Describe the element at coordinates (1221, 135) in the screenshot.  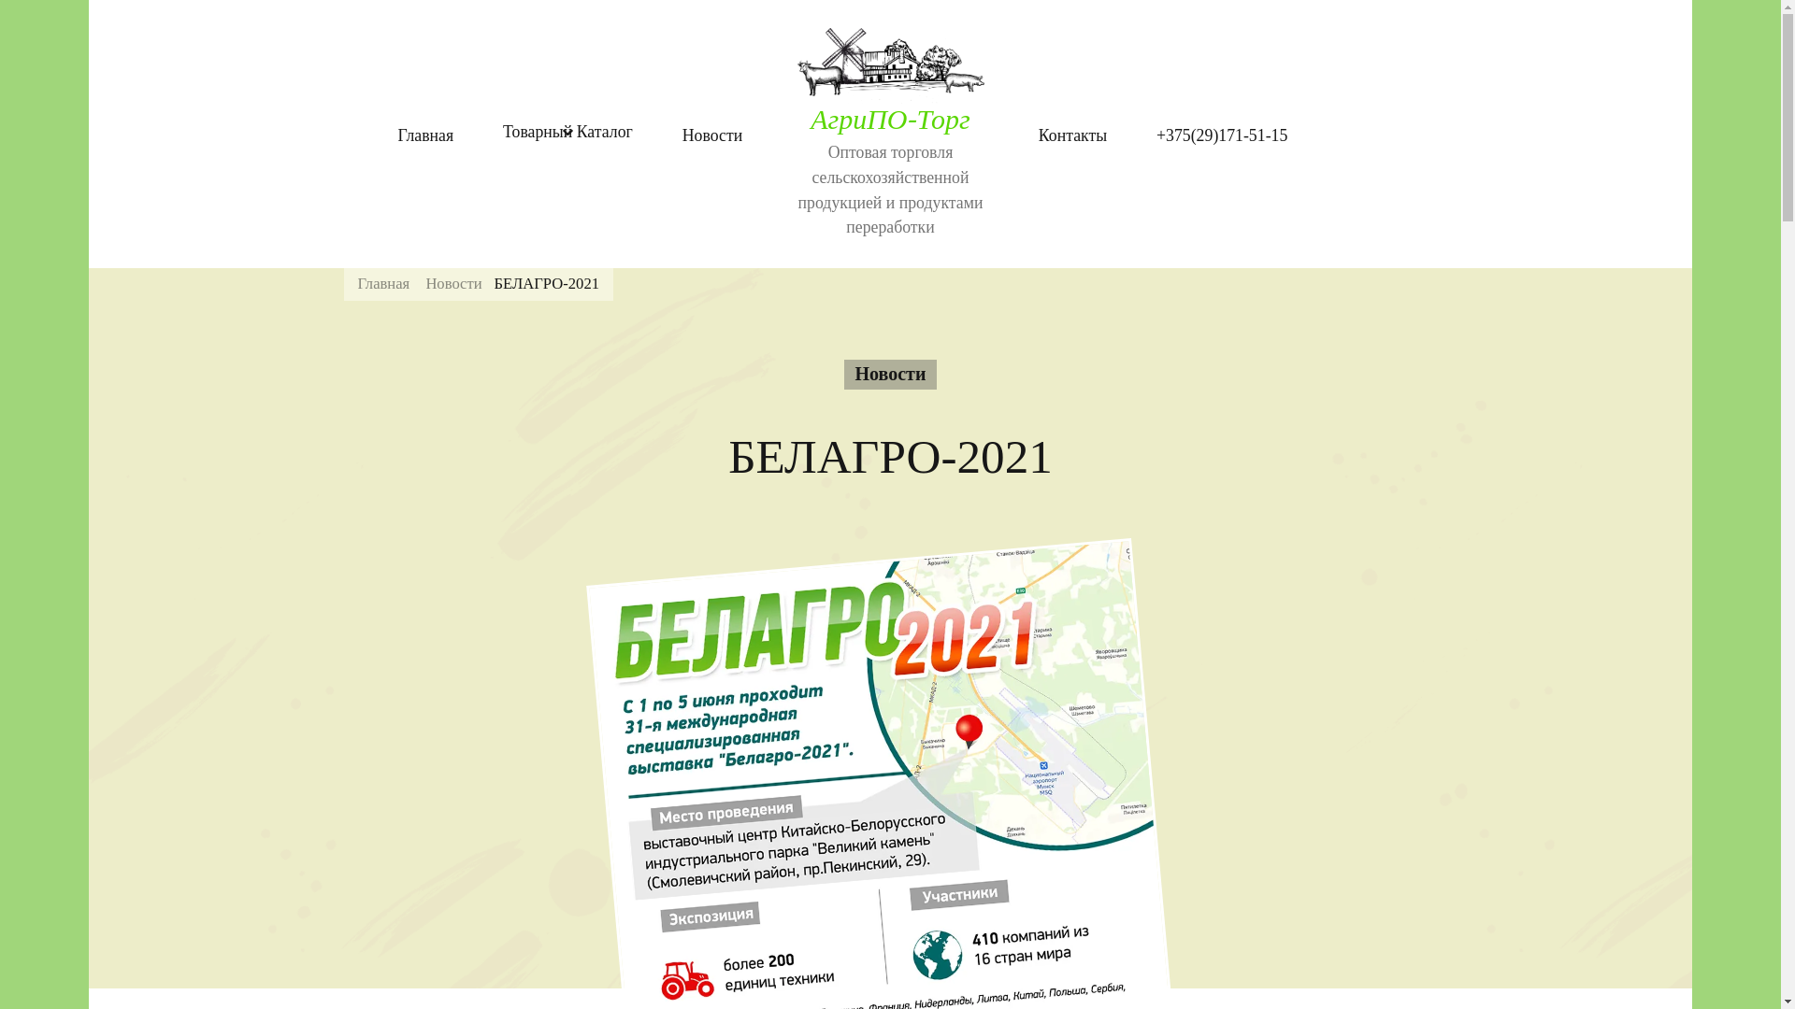
I see `'+375(29)171-51-15'` at that location.